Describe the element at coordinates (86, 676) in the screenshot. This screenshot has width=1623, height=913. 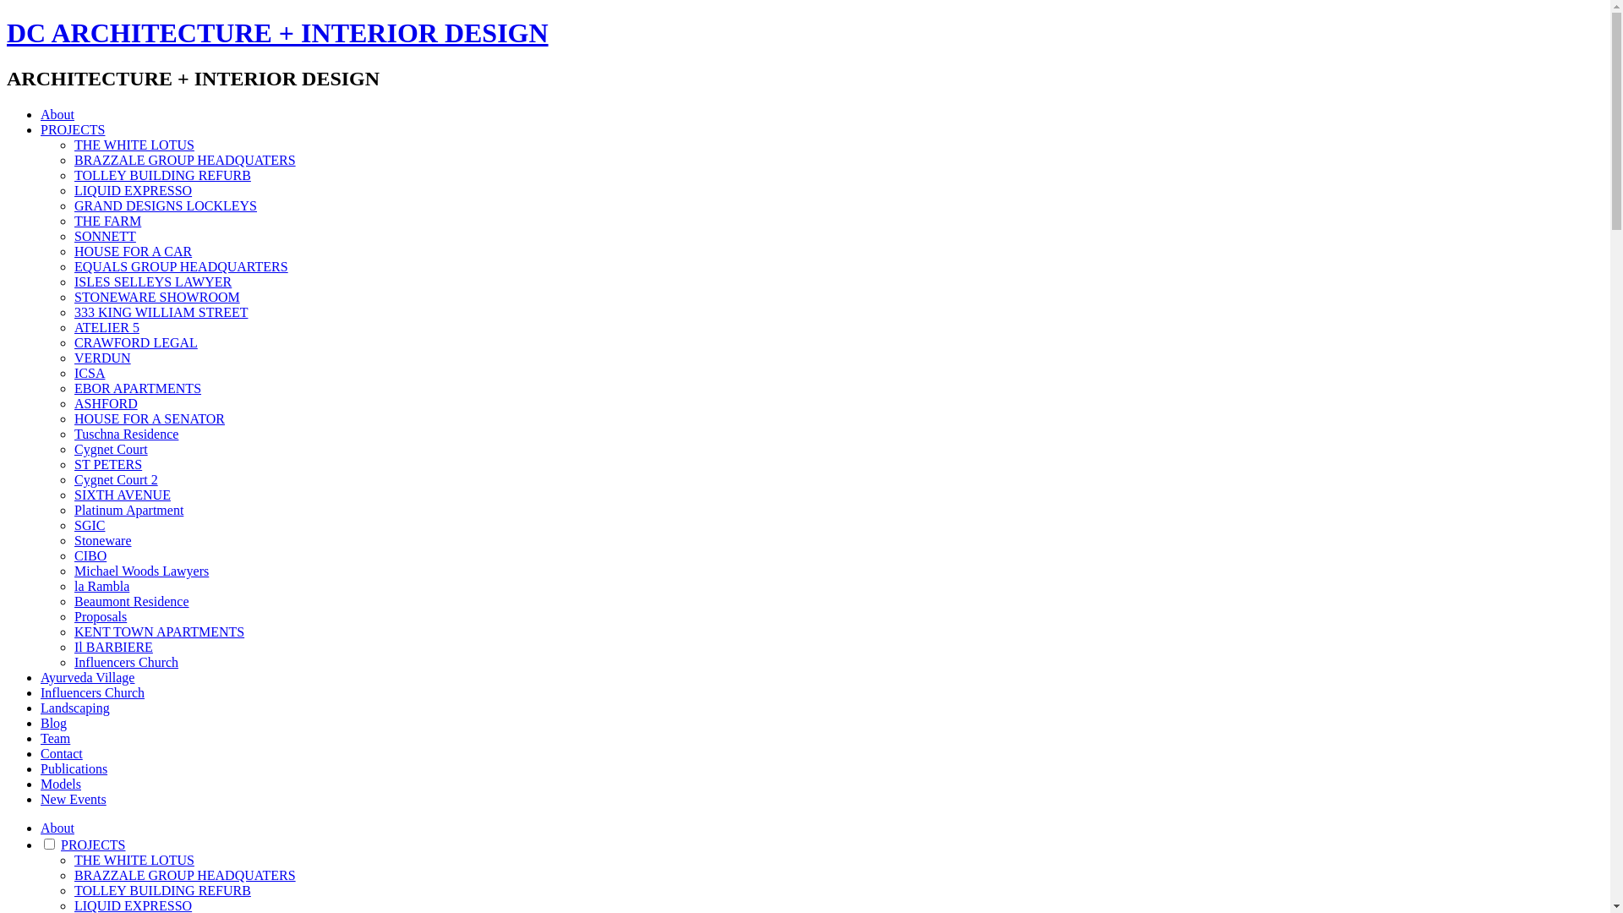
I see `'Ayurveda Village'` at that location.